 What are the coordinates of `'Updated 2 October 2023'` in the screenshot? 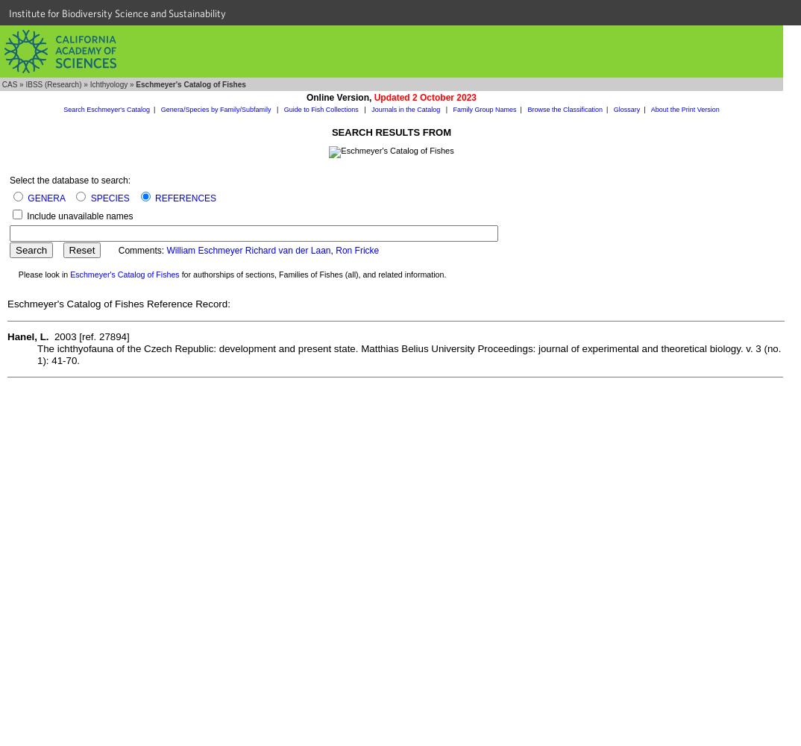 It's located at (424, 98).